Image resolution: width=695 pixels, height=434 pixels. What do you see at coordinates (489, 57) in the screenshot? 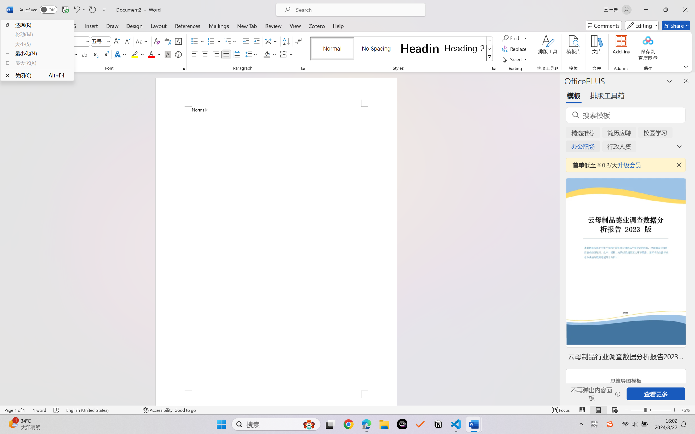
I see `'Styles'` at bounding box center [489, 57].